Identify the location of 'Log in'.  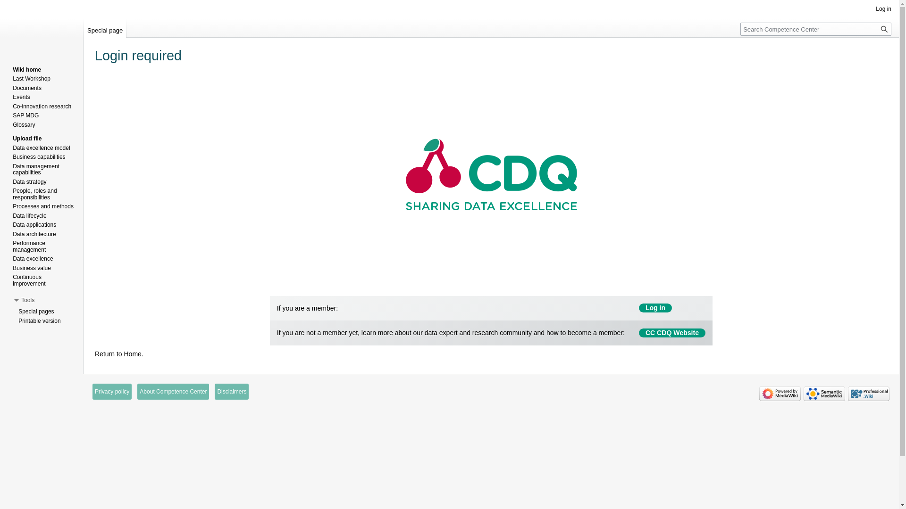
(883, 9).